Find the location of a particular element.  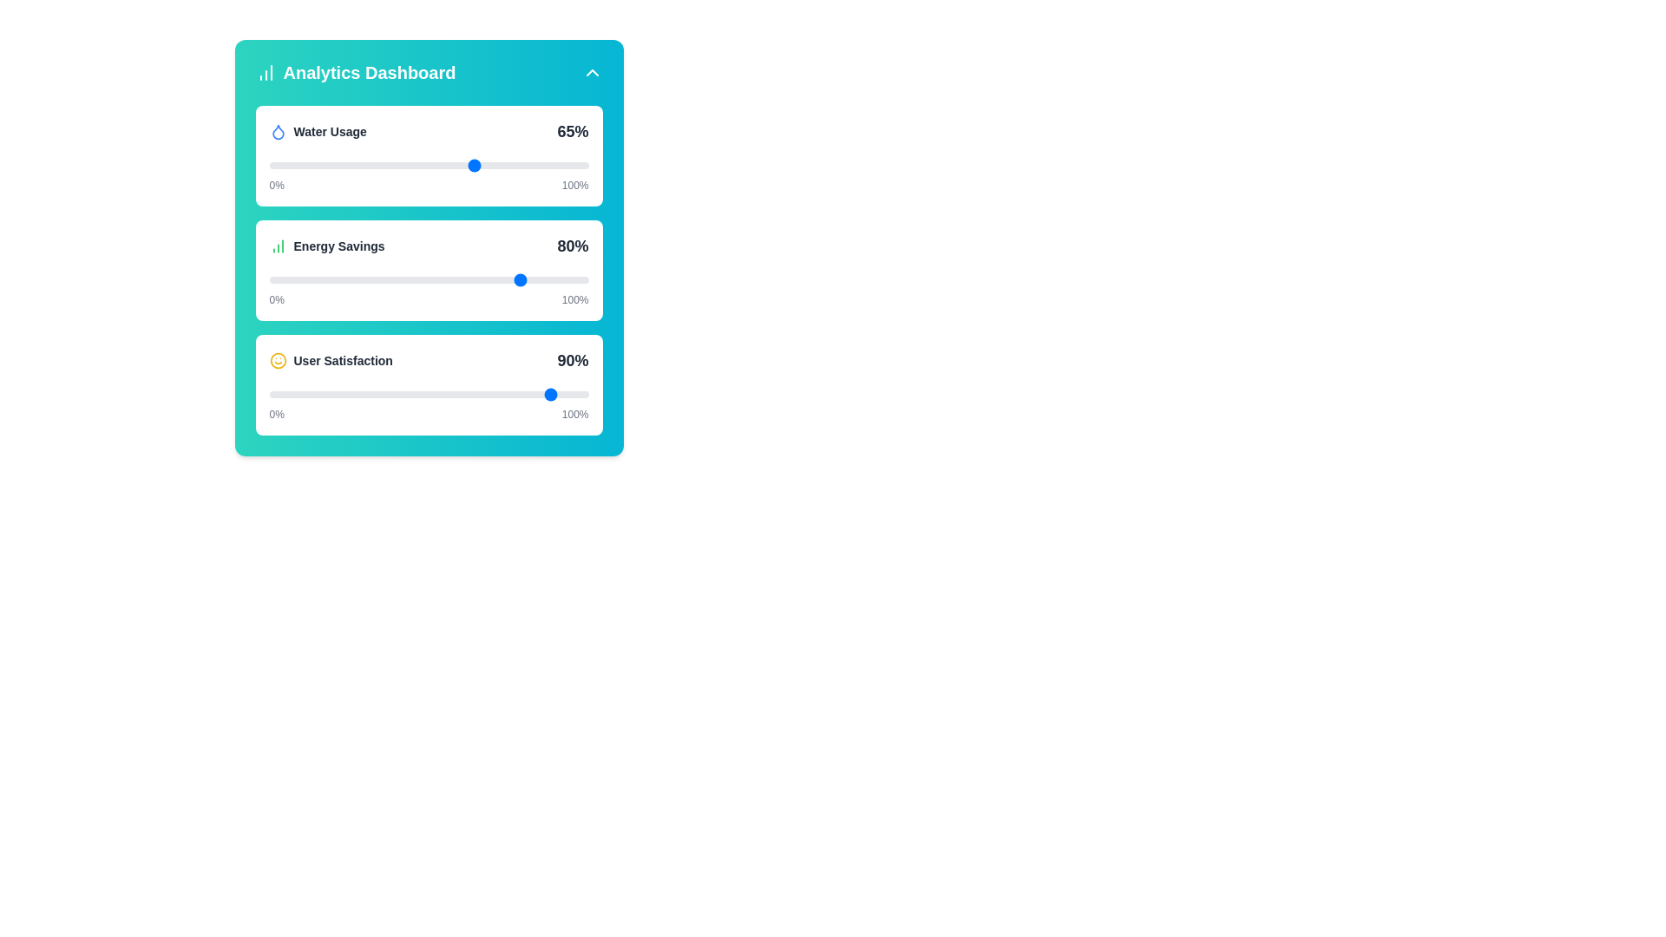

user satisfaction is located at coordinates (295, 395).